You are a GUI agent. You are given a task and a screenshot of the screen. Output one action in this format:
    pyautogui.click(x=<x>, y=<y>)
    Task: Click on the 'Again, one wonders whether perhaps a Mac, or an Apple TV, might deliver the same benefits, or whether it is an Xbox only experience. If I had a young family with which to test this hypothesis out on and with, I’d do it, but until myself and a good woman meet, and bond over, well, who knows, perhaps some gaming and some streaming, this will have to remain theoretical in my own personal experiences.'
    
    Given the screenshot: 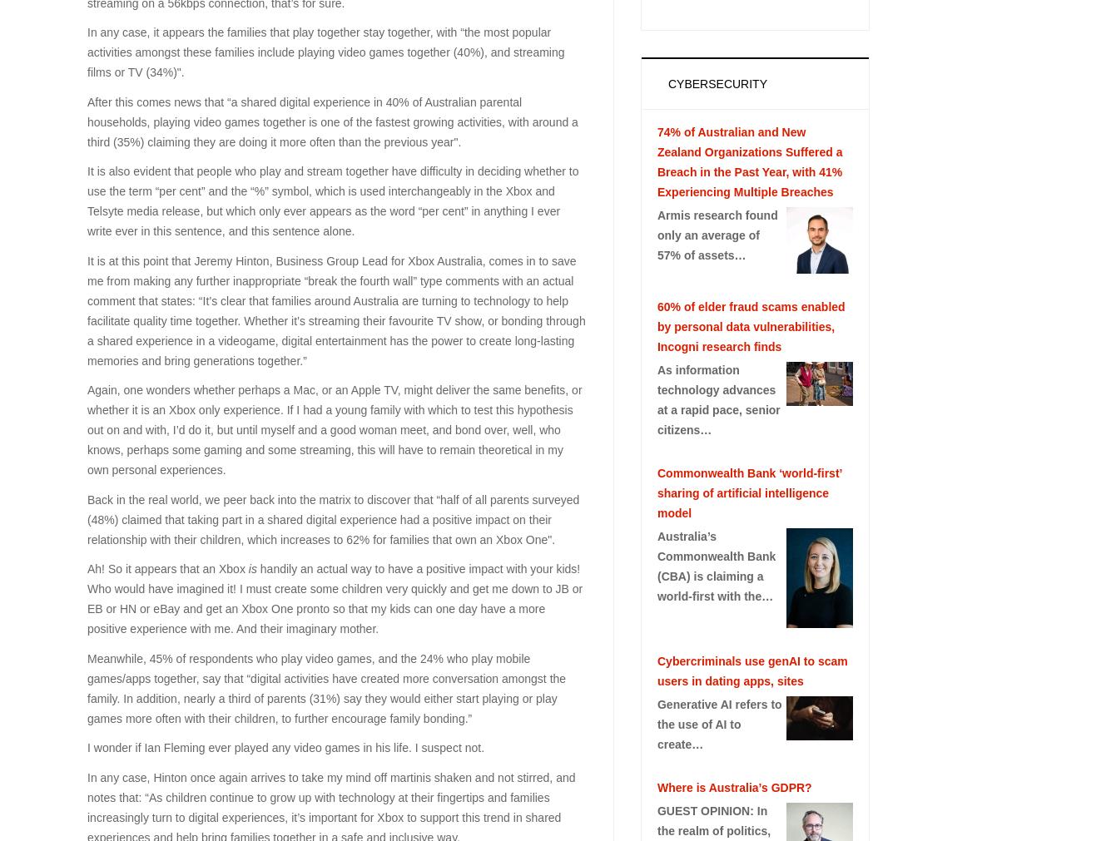 What is the action you would take?
    pyautogui.click(x=333, y=430)
    